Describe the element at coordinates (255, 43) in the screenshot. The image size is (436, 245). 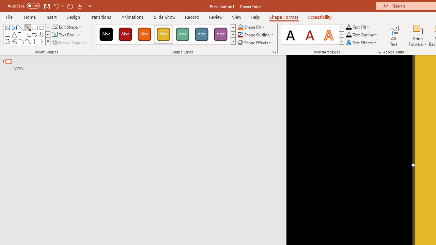
I see `'Shape Effects'` at that location.